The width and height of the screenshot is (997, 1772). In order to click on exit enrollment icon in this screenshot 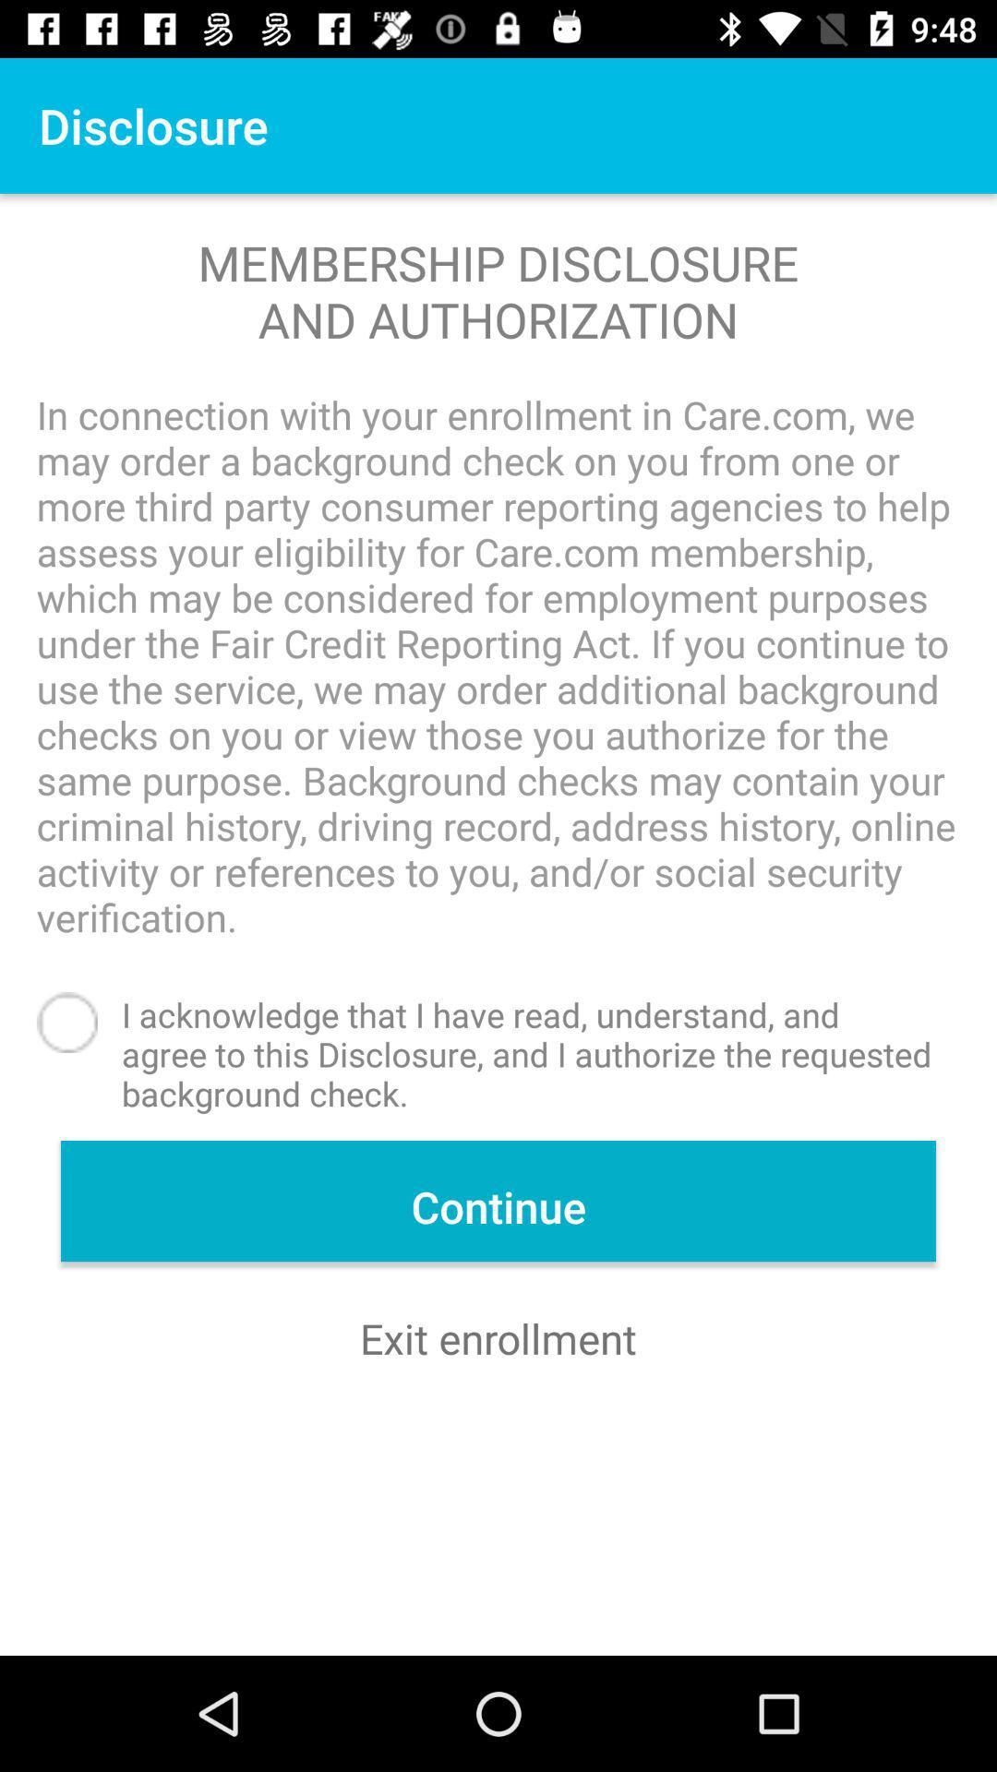, I will do `click(498, 1338)`.